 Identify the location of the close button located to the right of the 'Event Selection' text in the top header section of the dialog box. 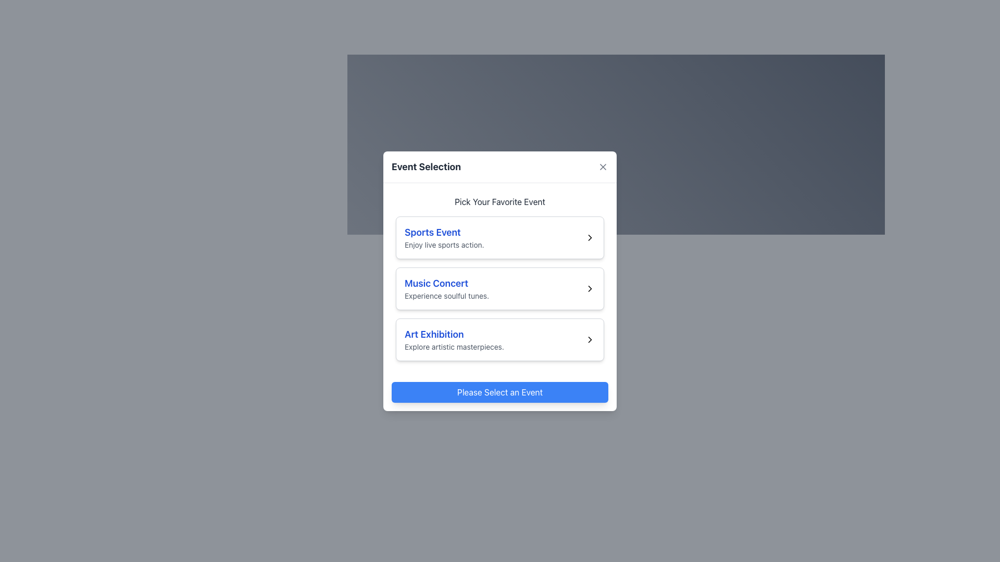
(603, 166).